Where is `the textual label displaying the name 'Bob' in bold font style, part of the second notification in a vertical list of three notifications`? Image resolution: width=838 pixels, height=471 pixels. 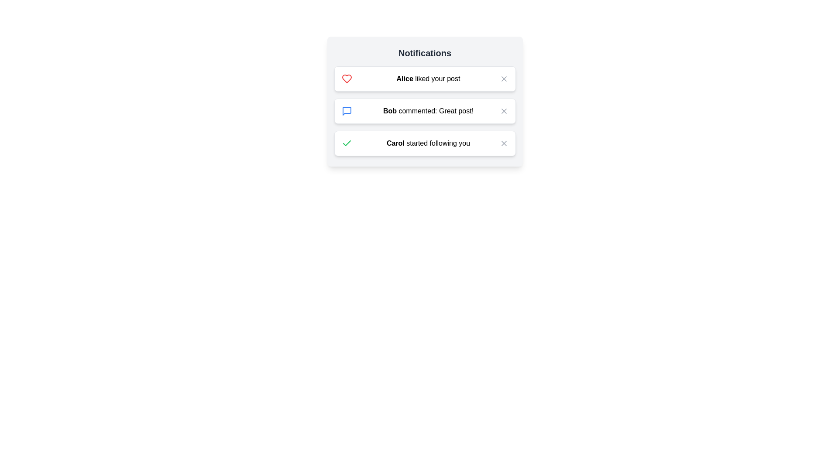
the textual label displaying the name 'Bob' in bold font style, part of the second notification in a vertical list of three notifications is located at coordinates (389, 110).